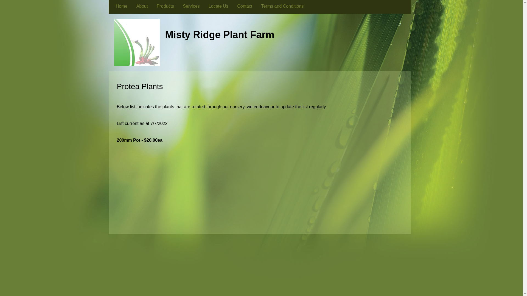  Describe the element at coordinates (233, 6) in the screenshot. I see `'Contact'` at that location.